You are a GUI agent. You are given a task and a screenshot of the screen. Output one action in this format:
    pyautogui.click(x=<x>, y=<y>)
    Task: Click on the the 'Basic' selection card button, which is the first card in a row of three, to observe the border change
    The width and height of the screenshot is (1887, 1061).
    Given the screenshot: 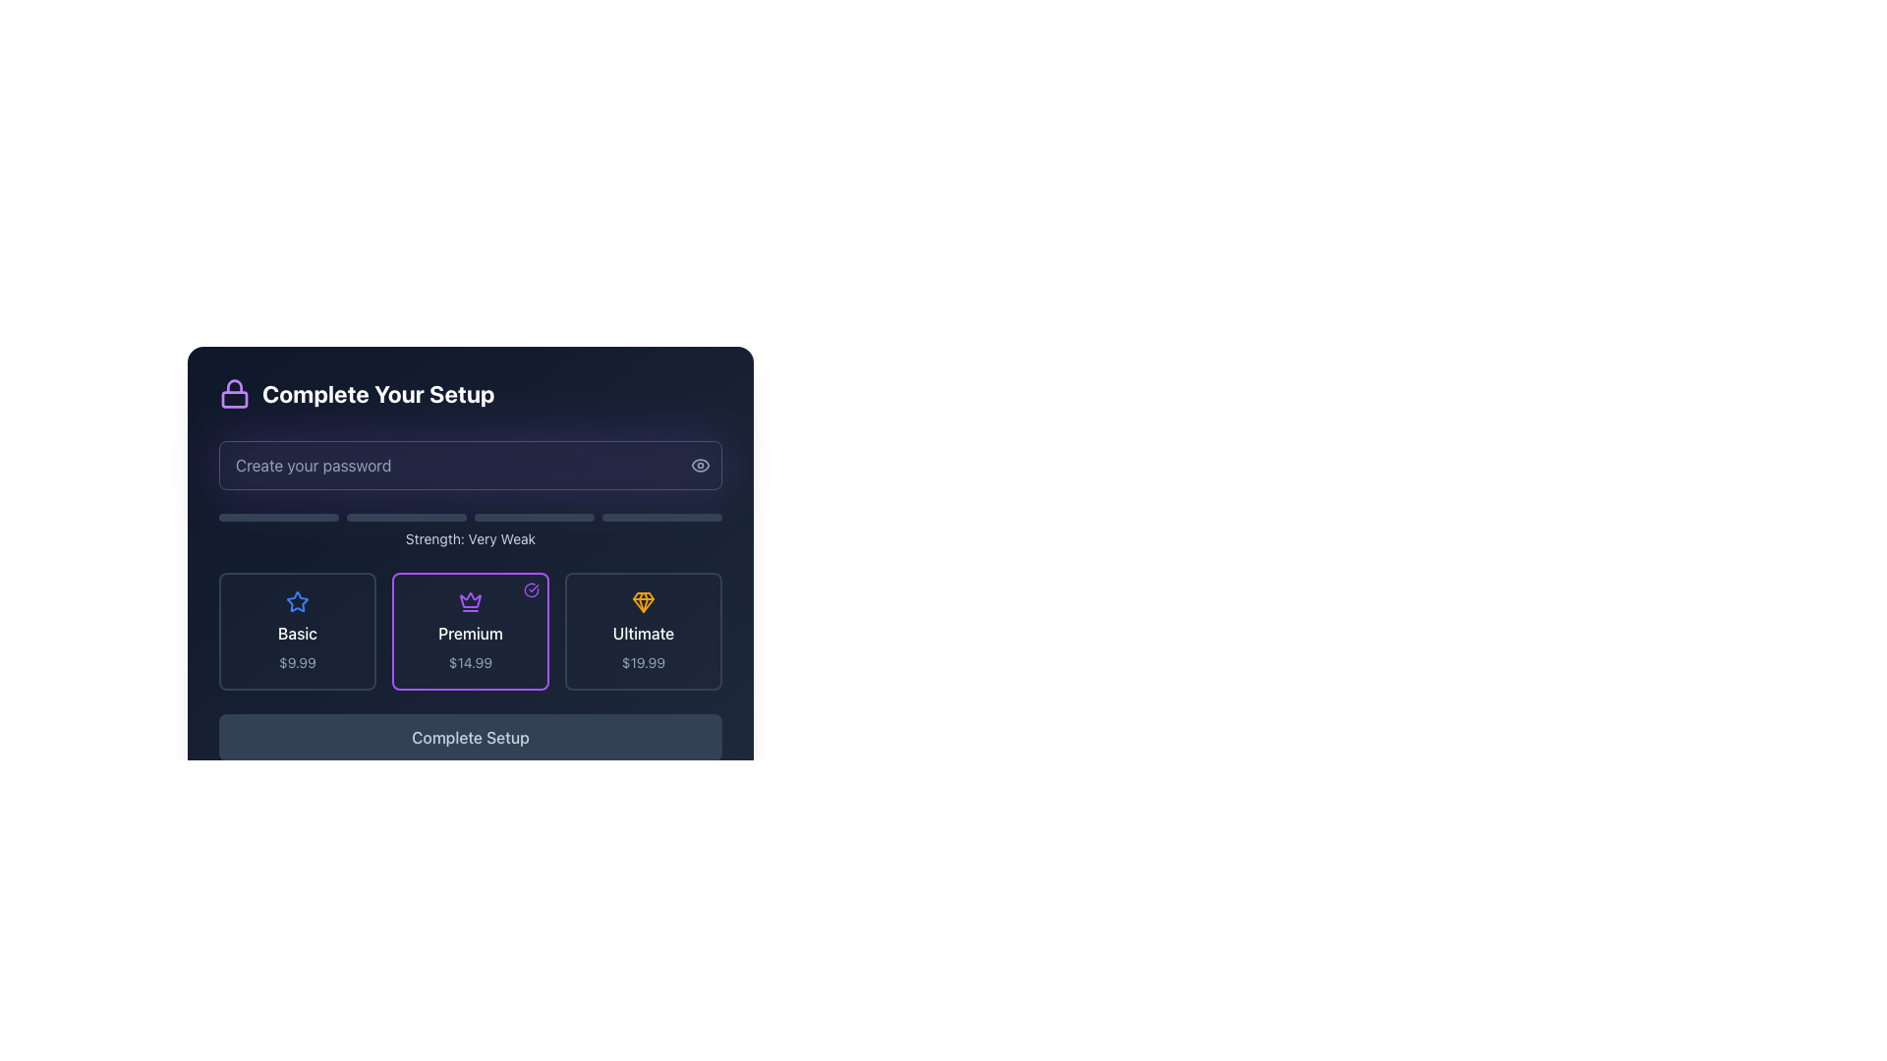 What is the action you would take?
    pyautogui.click(x=296, y=632)
    